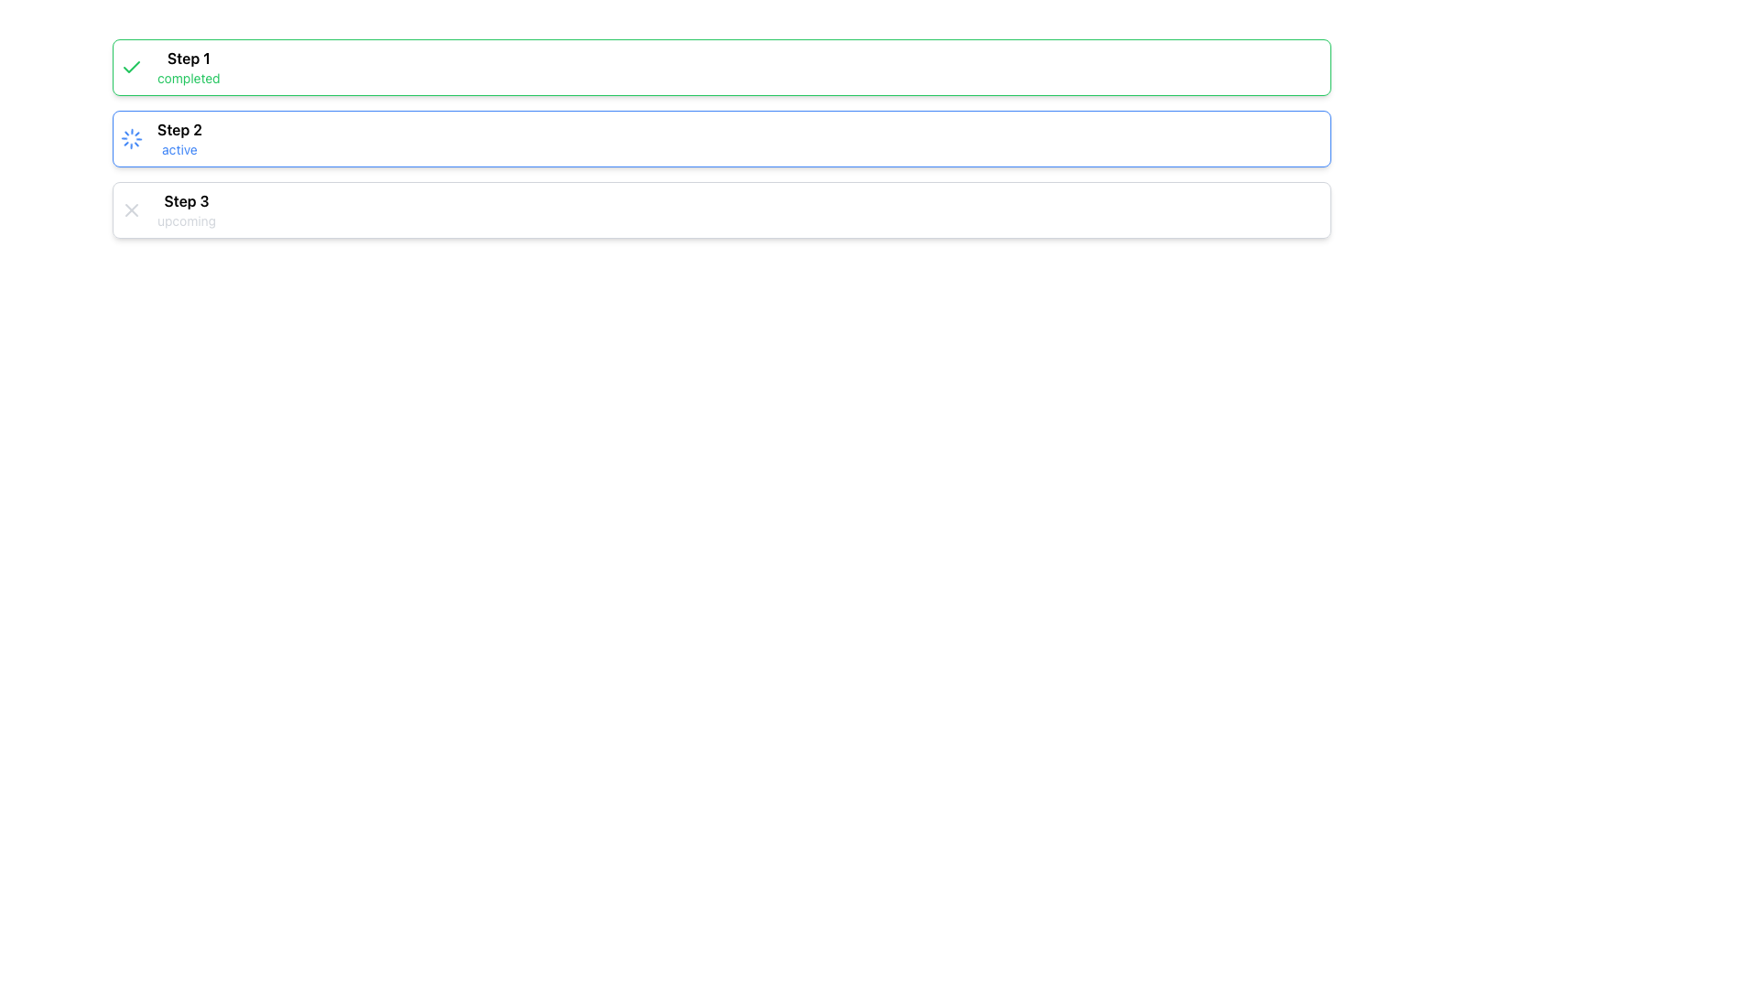 This screenshot has width=1758, height=988. Describe the element at coordinates (721, 66) in the screenshot. I see `the completed step indicator for progress tracking, which is the first element in a vertical arrangement of three steps` at that location.